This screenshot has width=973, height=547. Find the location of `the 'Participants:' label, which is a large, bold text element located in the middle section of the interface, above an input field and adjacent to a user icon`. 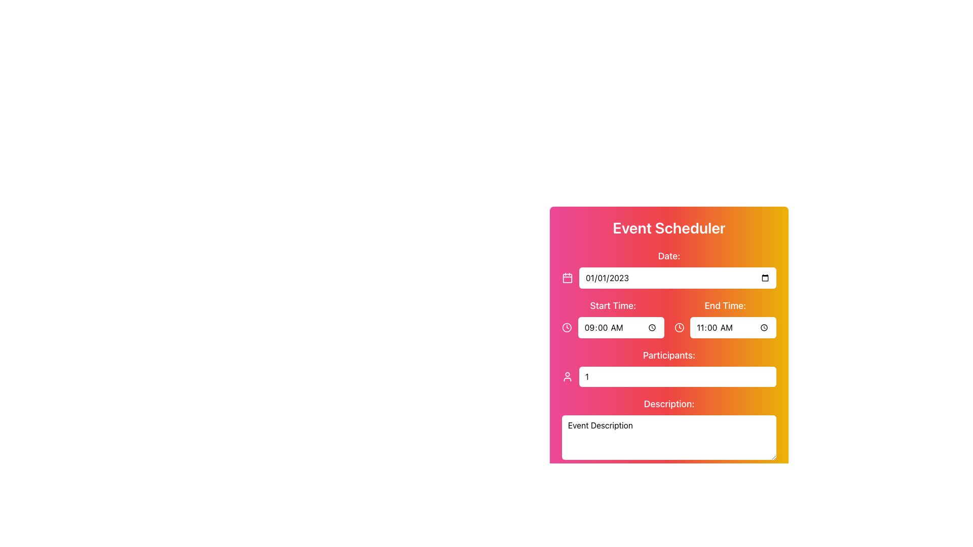

the 'Participants:' label, which is a large, bold text element located in the middle section of the interface, above an input field and adjacent to a user icon is located at coordinates (669, 355).